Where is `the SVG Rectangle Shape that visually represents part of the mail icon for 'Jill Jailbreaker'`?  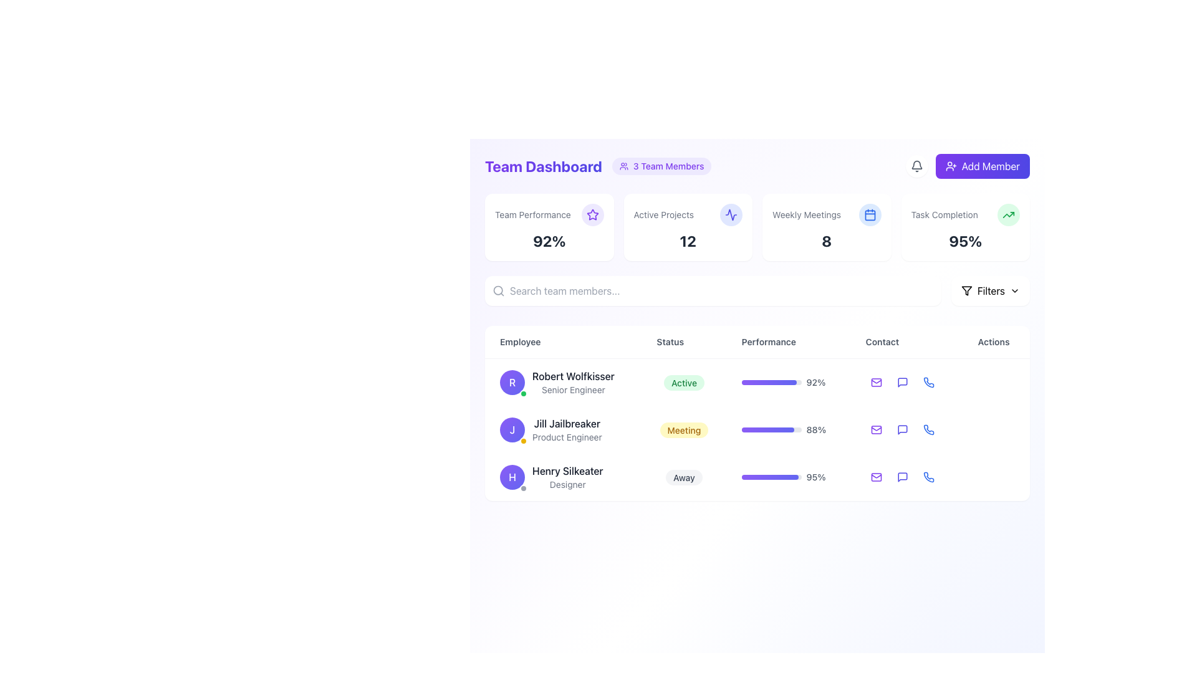 the SVG Rectangle Shape that visually represents part of the mail icon for 'Jill Jailbreaker' is located at coordinates (875, 429).